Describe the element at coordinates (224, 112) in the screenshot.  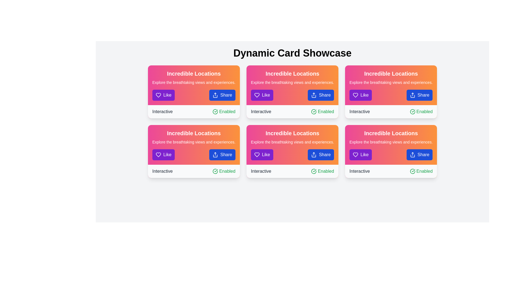
I see `the text with a green checkmark icon that indicates 'Enabled' located in the lower-right corner of the card labeled 'Interactive'` at that location.